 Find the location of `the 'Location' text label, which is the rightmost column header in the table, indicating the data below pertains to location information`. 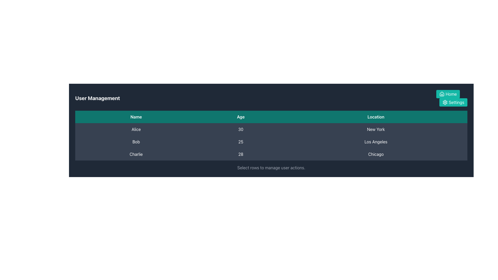

the 'Location' text label, which is the rightmost column header in the table, indicating the data below pertains to location information is located at coordinates (376, 117).